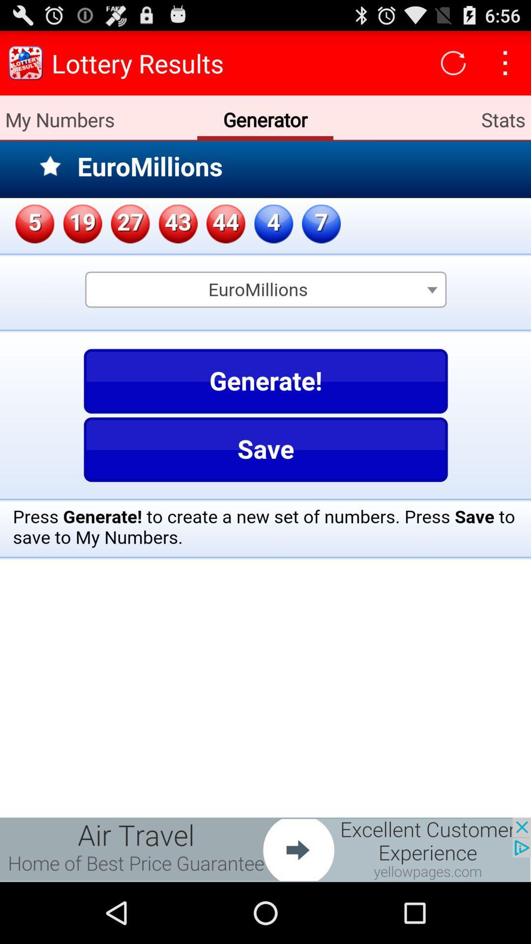  What do you see at coordinates (453, 67) in the screenshot?
I see `the refresh icon` at bounding box center [453, 67].